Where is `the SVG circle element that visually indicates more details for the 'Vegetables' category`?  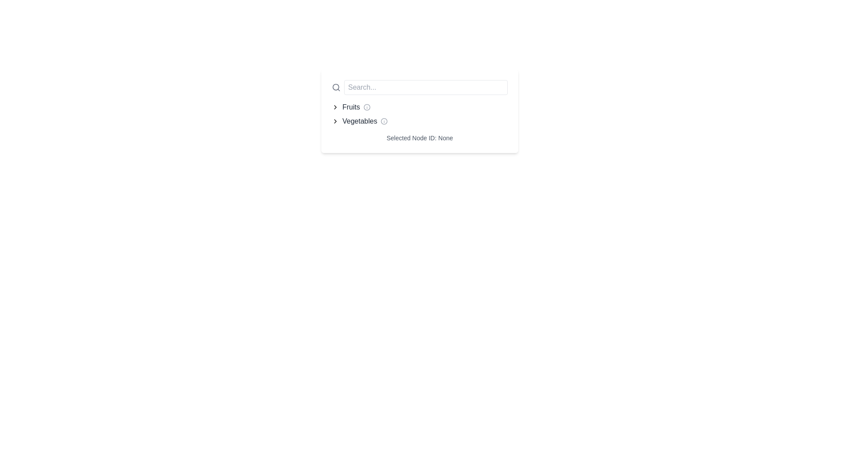
the SVG circle element that visually indicates more details for the 'Vegetables' category is located at coordinates (384, 121).